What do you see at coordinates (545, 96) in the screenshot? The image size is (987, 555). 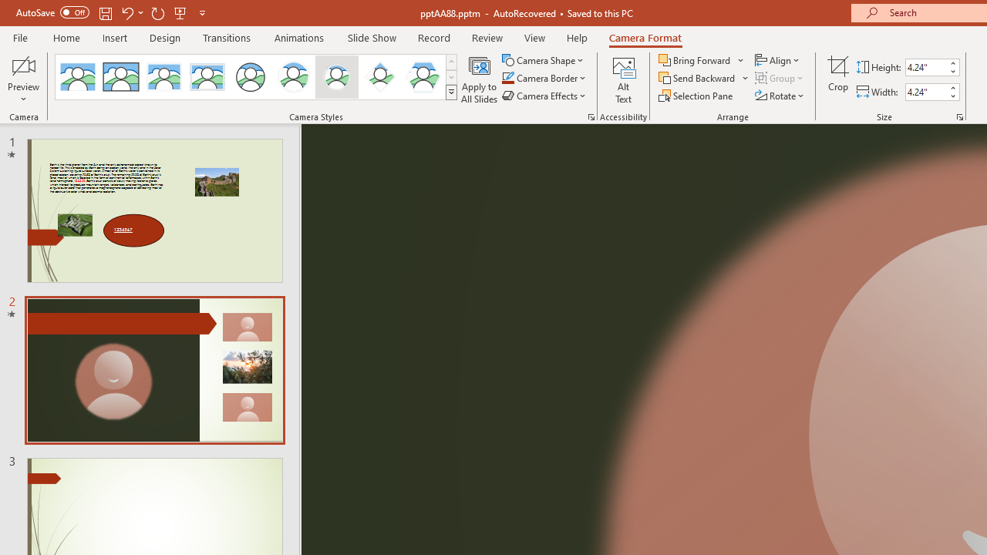 I see `'Camera Effects'` at bounding box center [545, 96].